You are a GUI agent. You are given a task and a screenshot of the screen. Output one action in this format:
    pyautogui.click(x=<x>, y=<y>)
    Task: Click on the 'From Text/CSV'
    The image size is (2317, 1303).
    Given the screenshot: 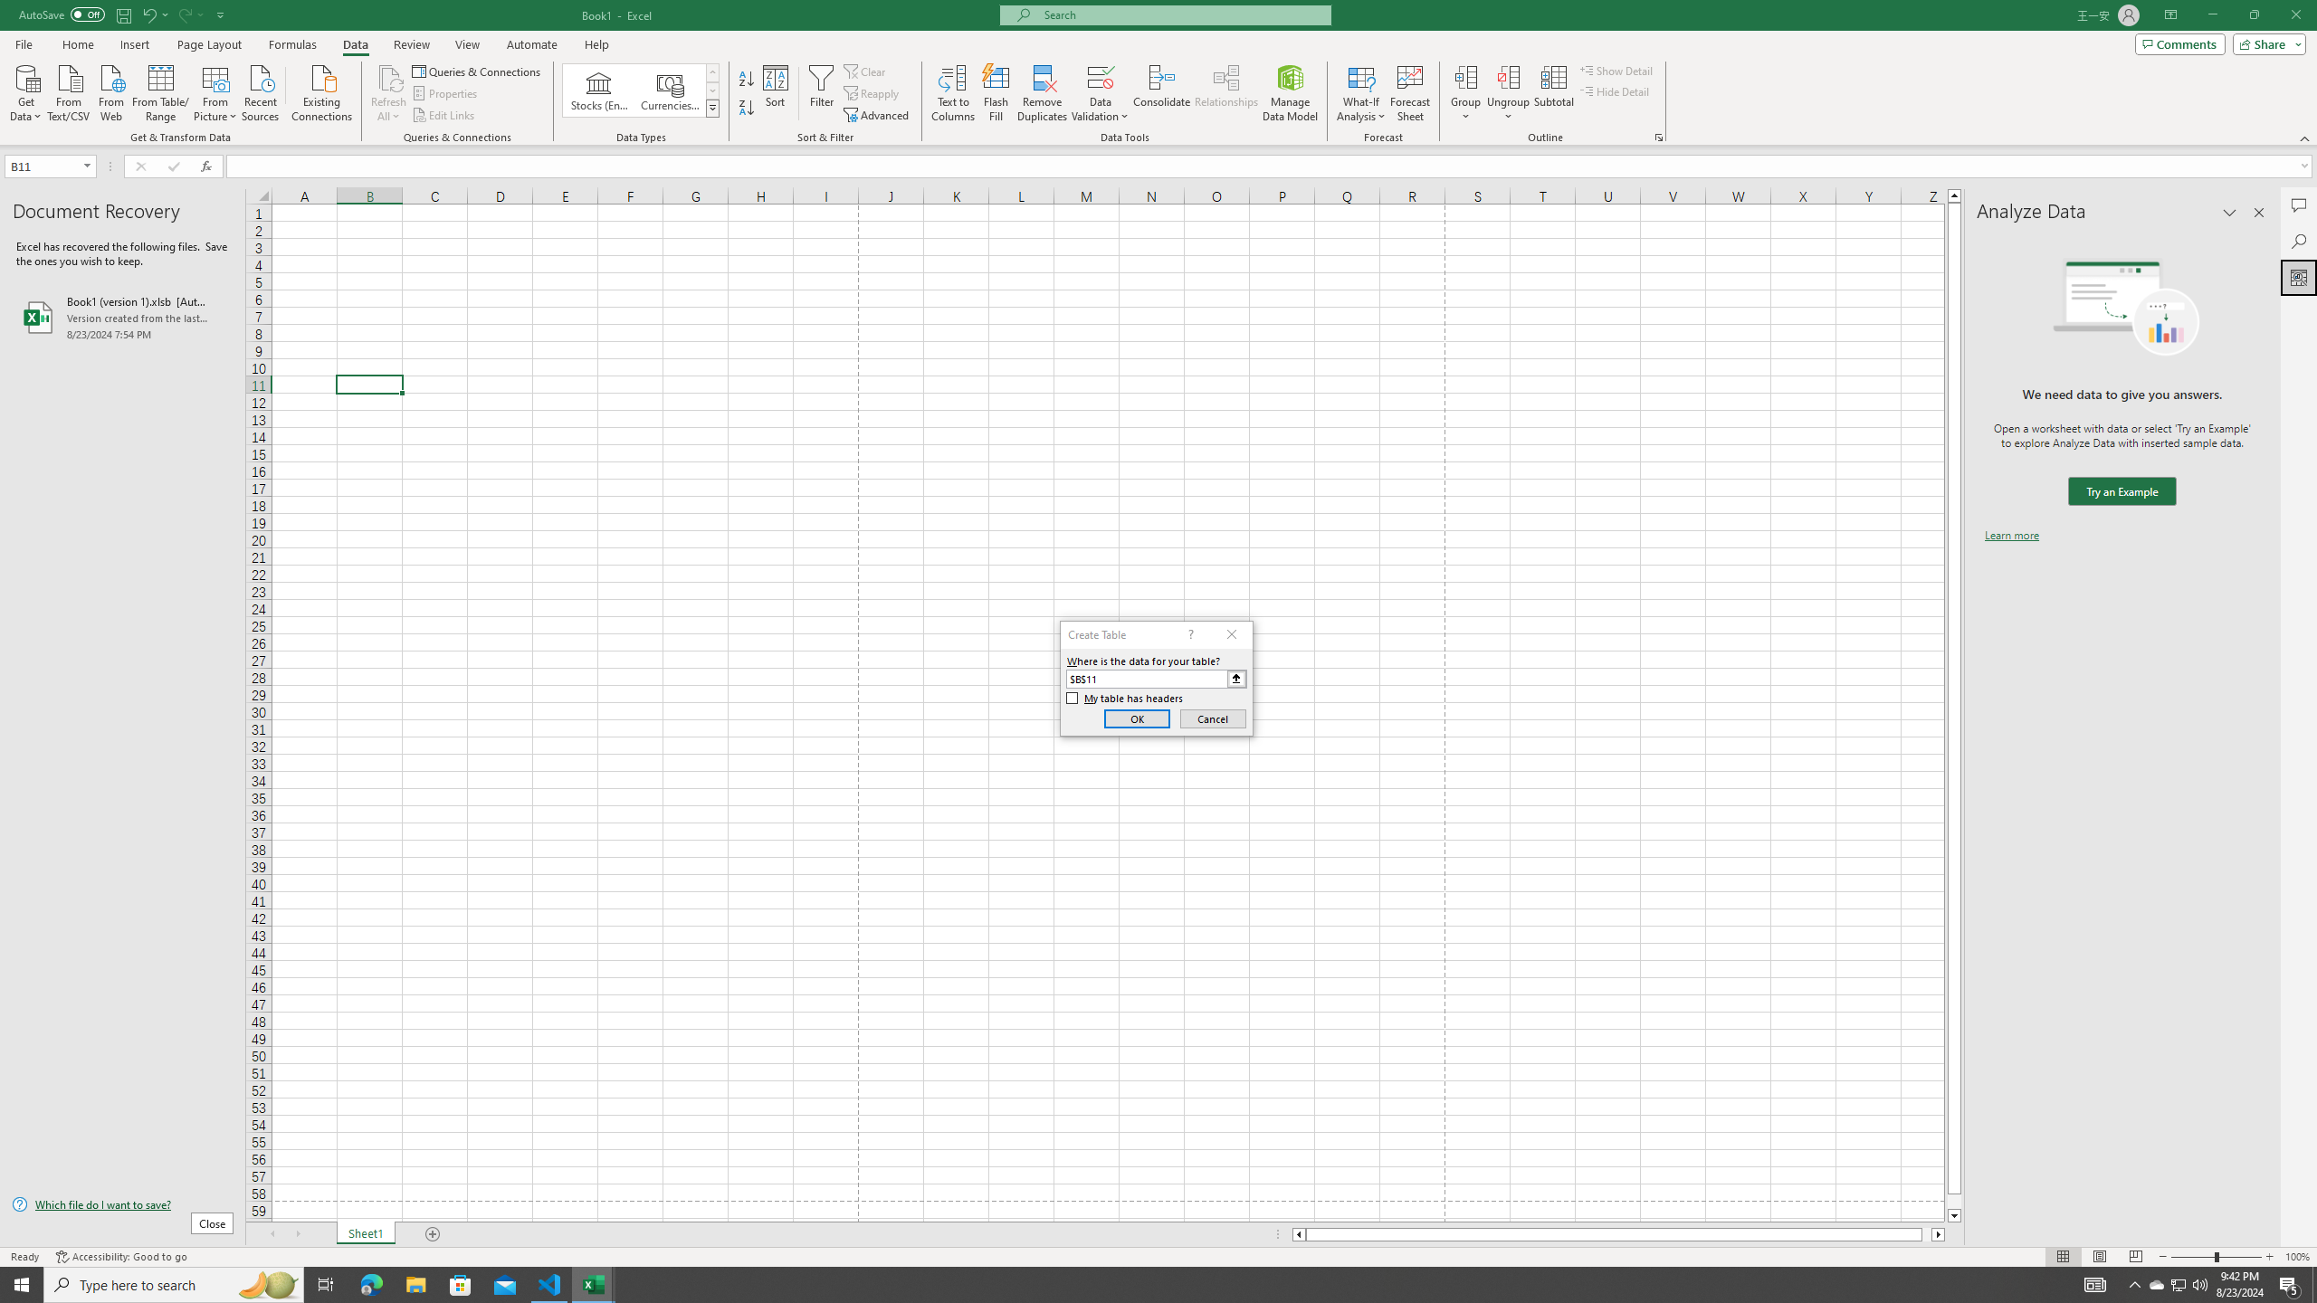 What is the action you would take?
    pyautogui.click(x=69, y=90)
    